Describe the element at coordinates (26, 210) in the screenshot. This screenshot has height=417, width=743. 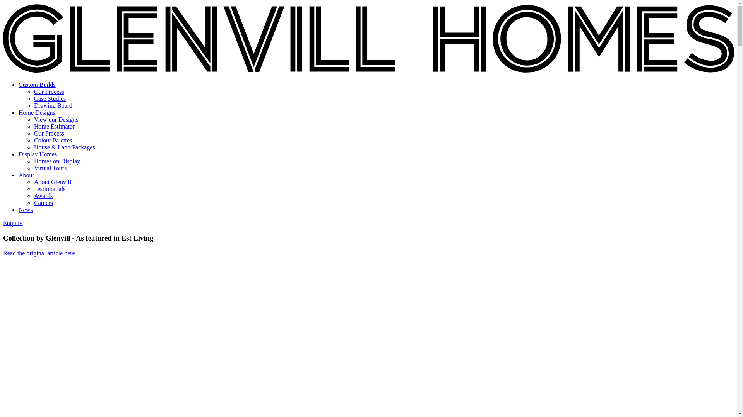
I see `'News'` at that location.